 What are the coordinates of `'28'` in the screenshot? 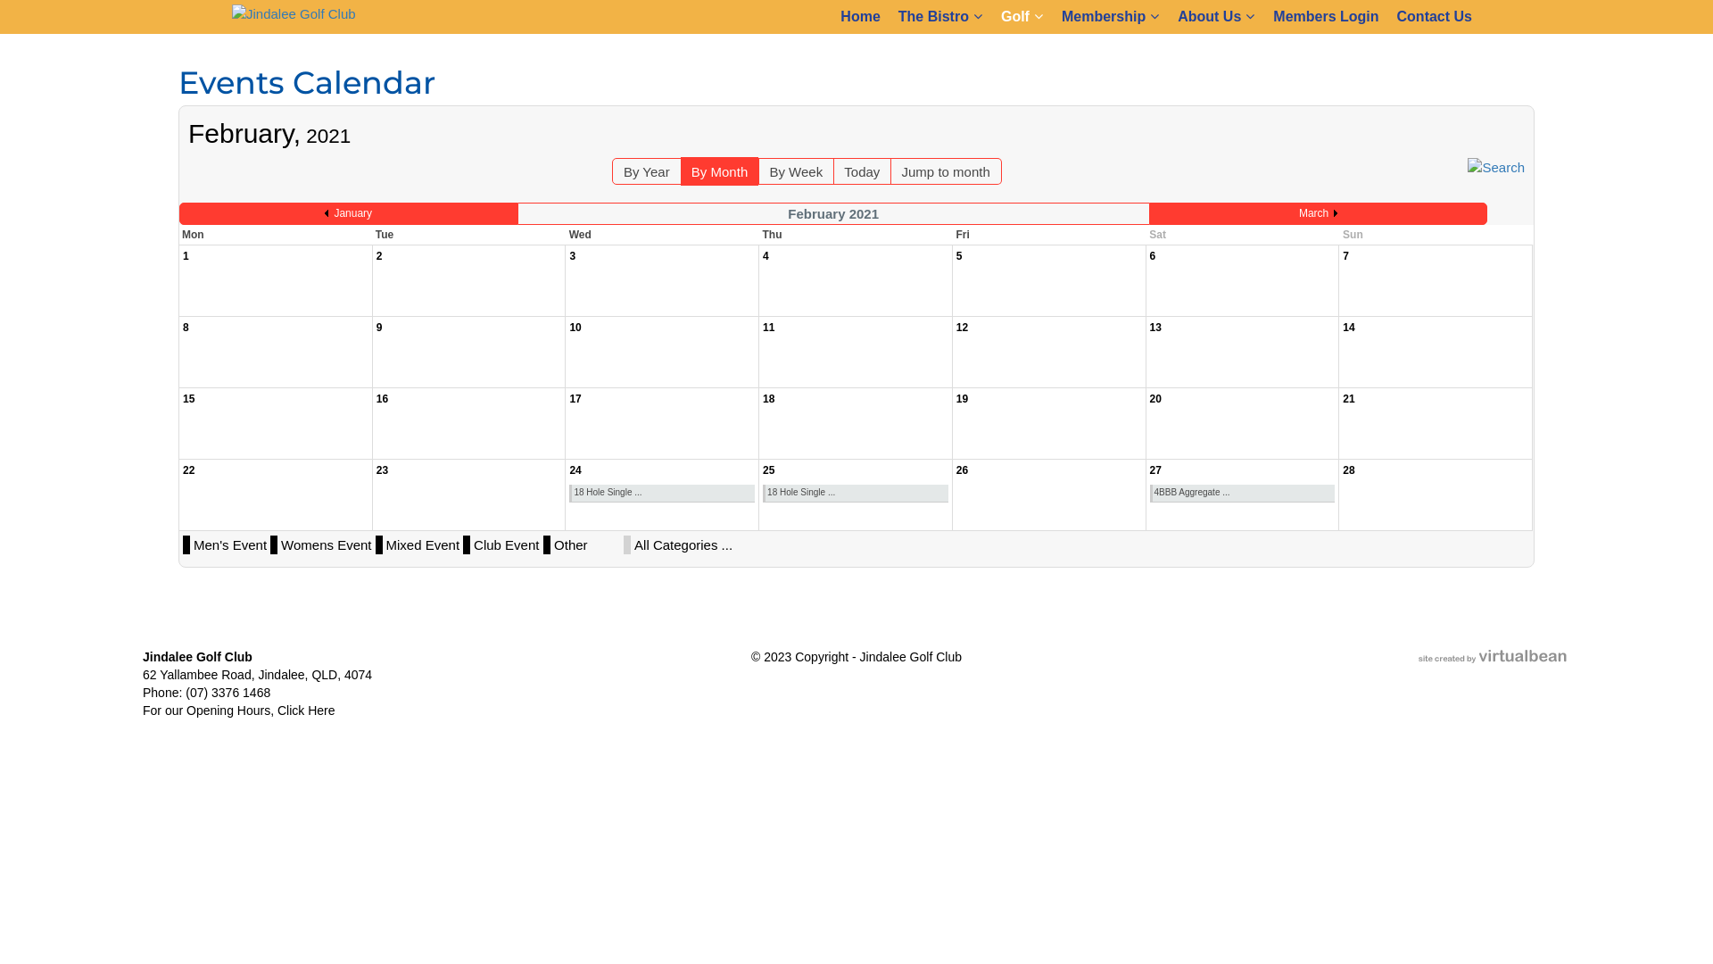 It's located at (1348, 470).